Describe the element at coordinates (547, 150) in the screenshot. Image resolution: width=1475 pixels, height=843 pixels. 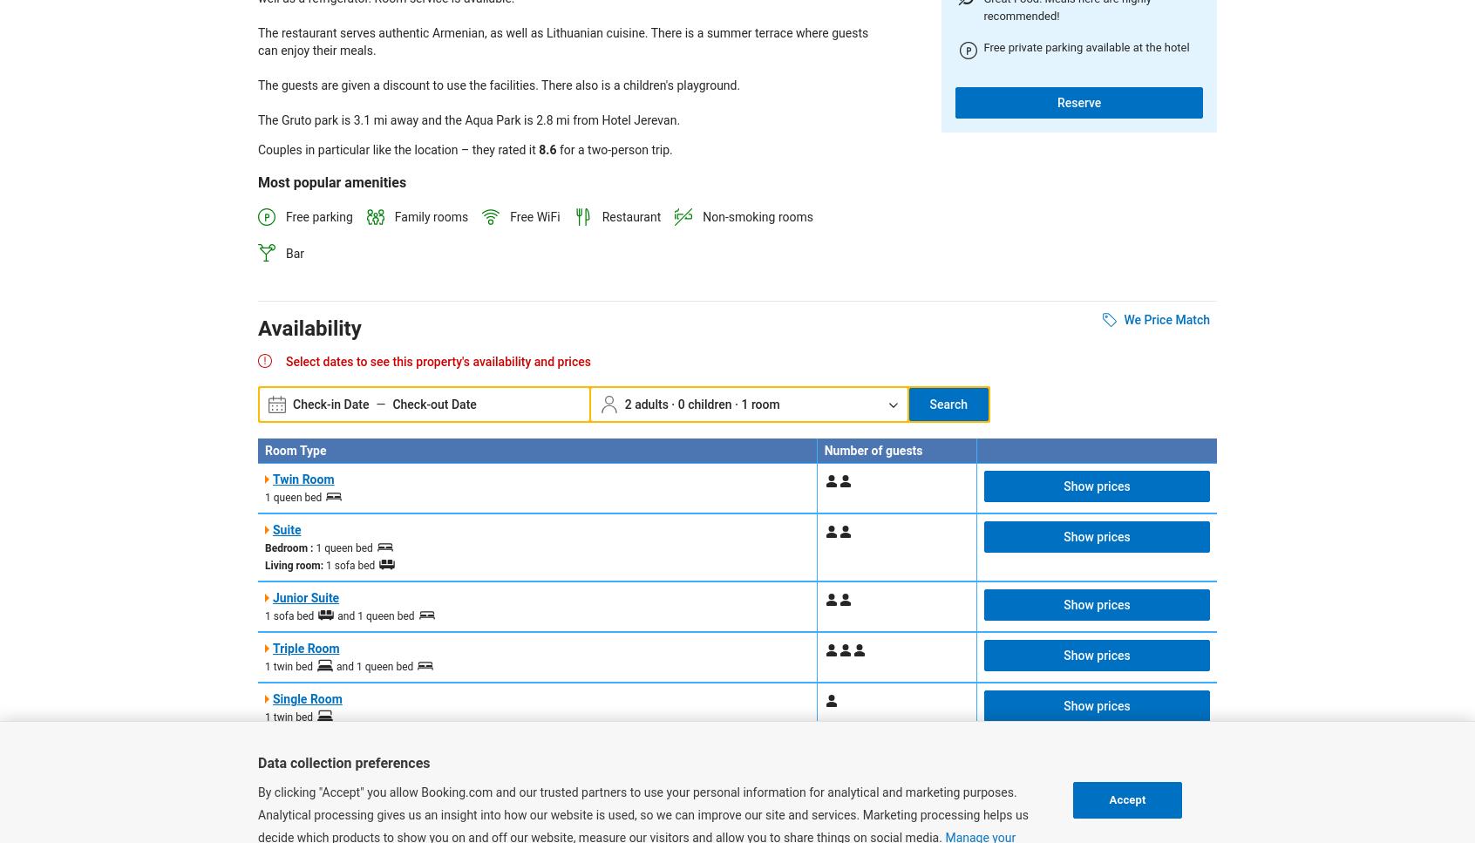
I see `'8.6'` at that location.